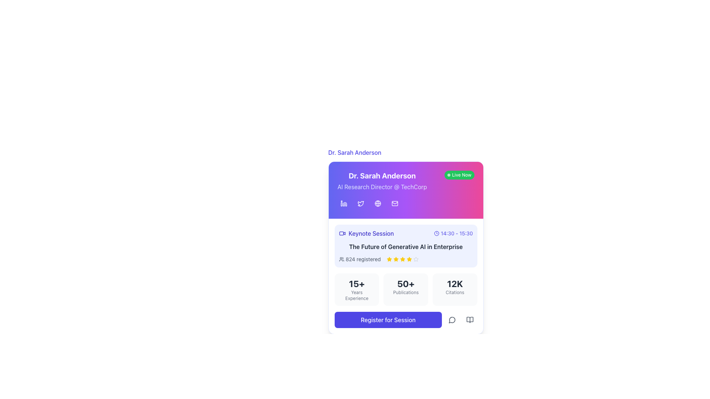  What do you see at coordinates (361, 204) in the screenshot?
I see `the small, light blue Twitter icon, which is the second icon in a row of four below the name 'Dr. Sarah Anderson' and their title` at bounding box center [361, 204].